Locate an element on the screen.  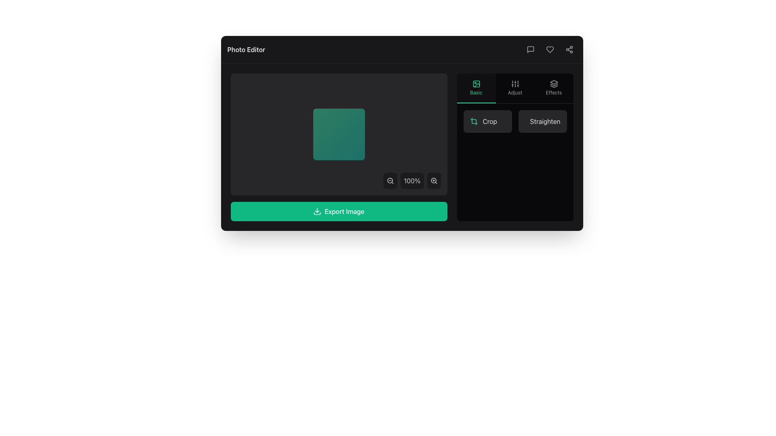
the button located in the bottom-right corner of the 'Basic' section is located at coordinates (542, 121).